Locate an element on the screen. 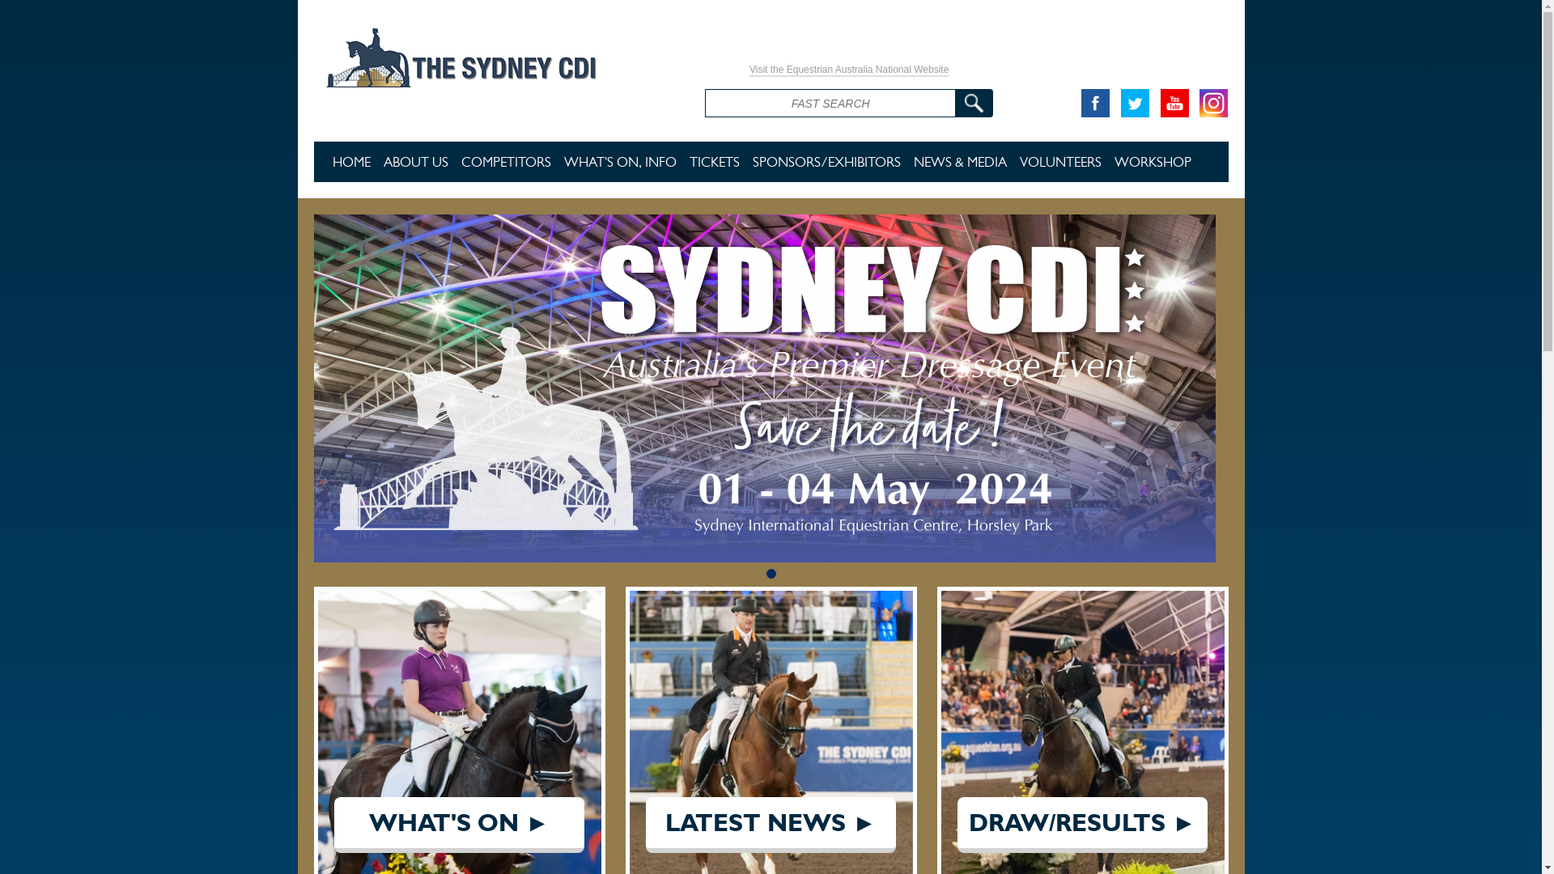 The image size is (1554, 874). 'COMPETITORS' is located at coordinates (505, 162).